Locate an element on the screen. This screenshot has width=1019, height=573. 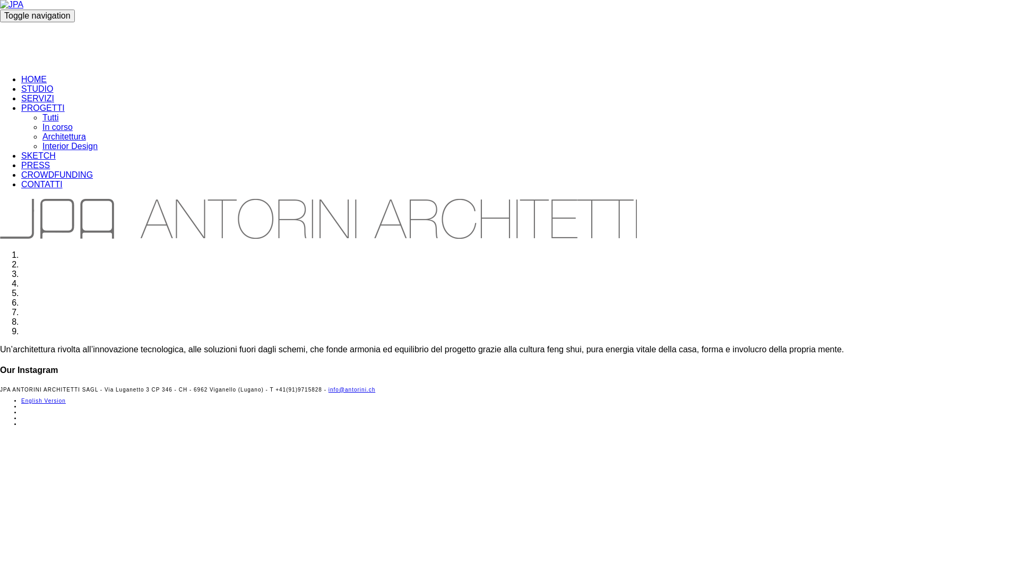
'PRESS' is located at coordinates (36, 165).